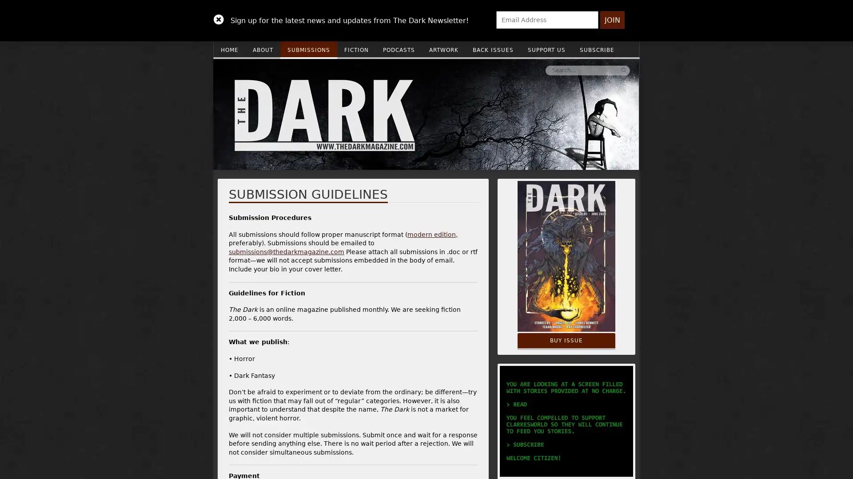 The height and width of the screenshot is (479, 853). Describe the element at coordinates (490, 70) in the screenshot. I see `Search` at that location.